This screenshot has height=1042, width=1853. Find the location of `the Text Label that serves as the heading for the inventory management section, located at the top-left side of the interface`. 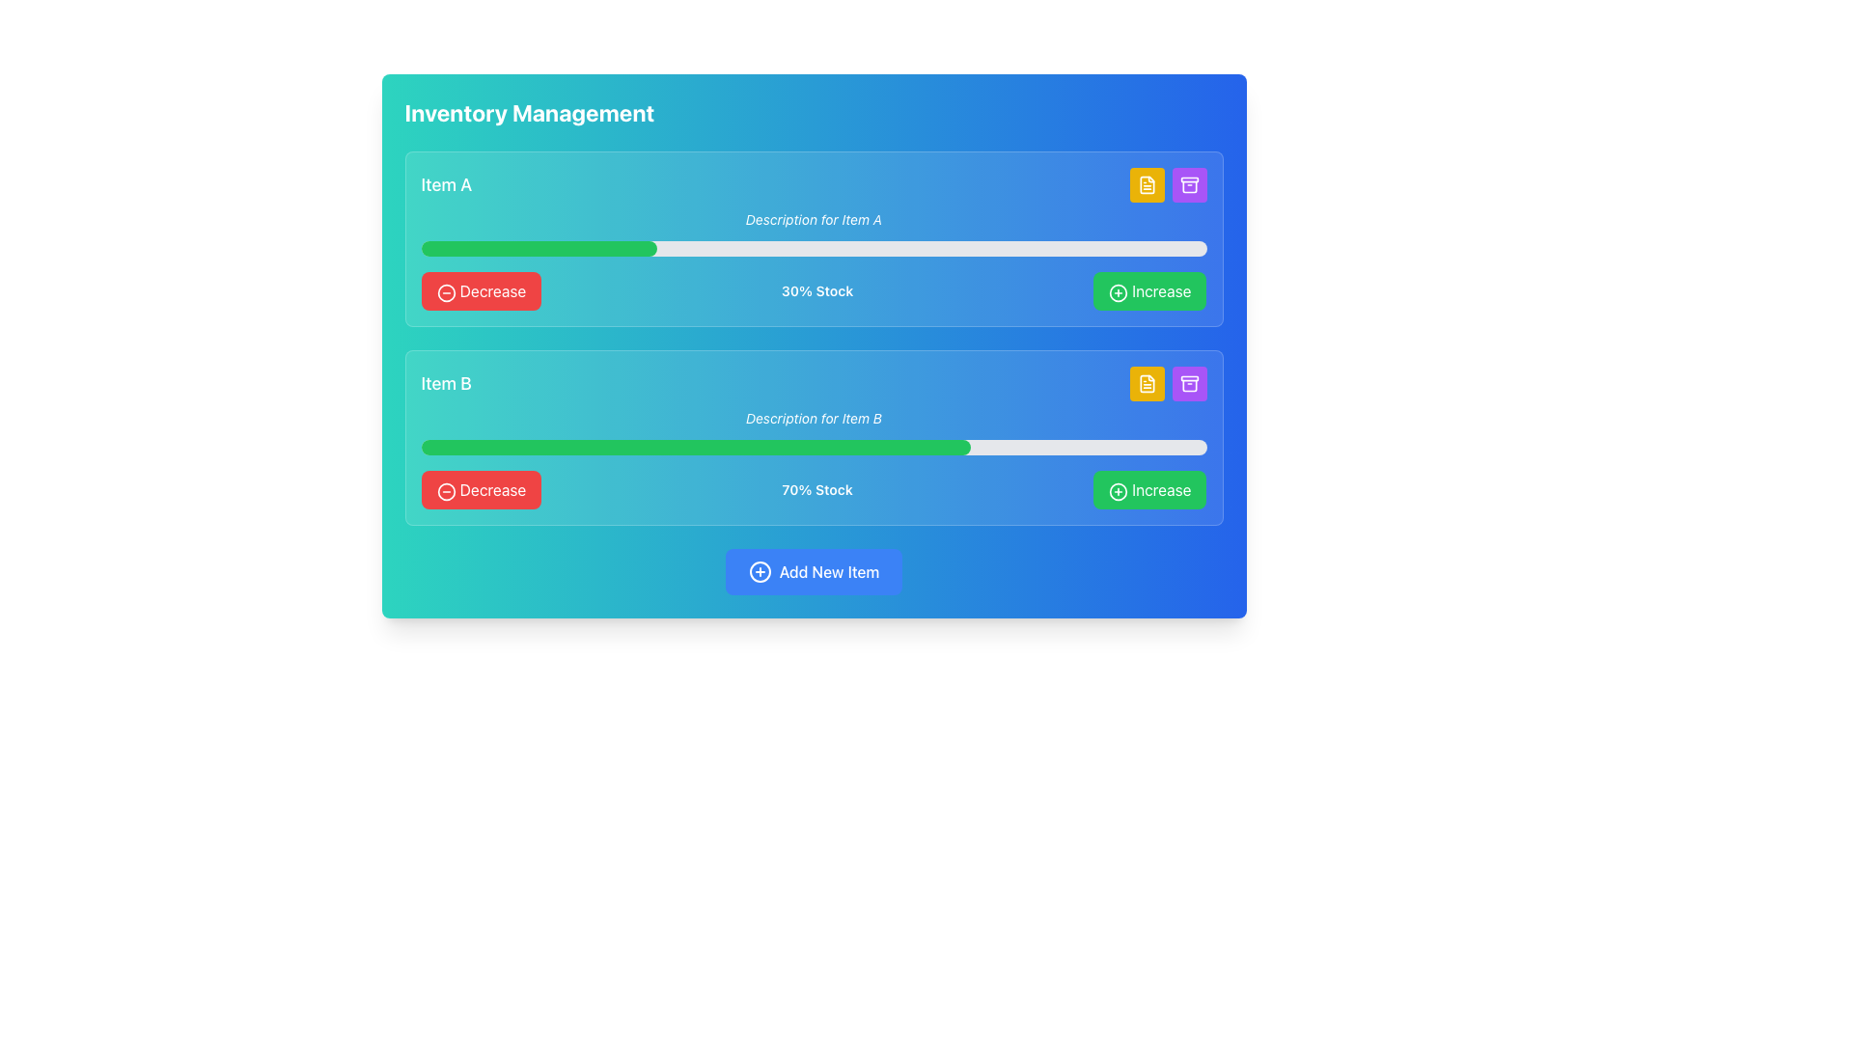

the Text Label that serves as the heading for the inventory management section, located at the top-left side of the interface is located at coordinates (529, 112).